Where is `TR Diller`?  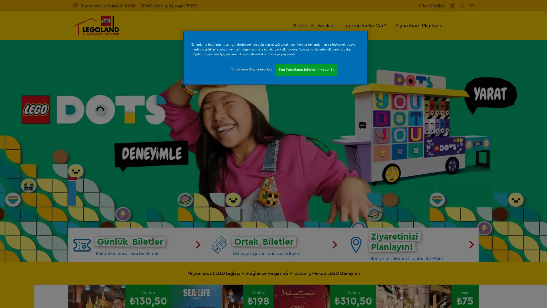
TR Diller is located at coordinates (471, 5).